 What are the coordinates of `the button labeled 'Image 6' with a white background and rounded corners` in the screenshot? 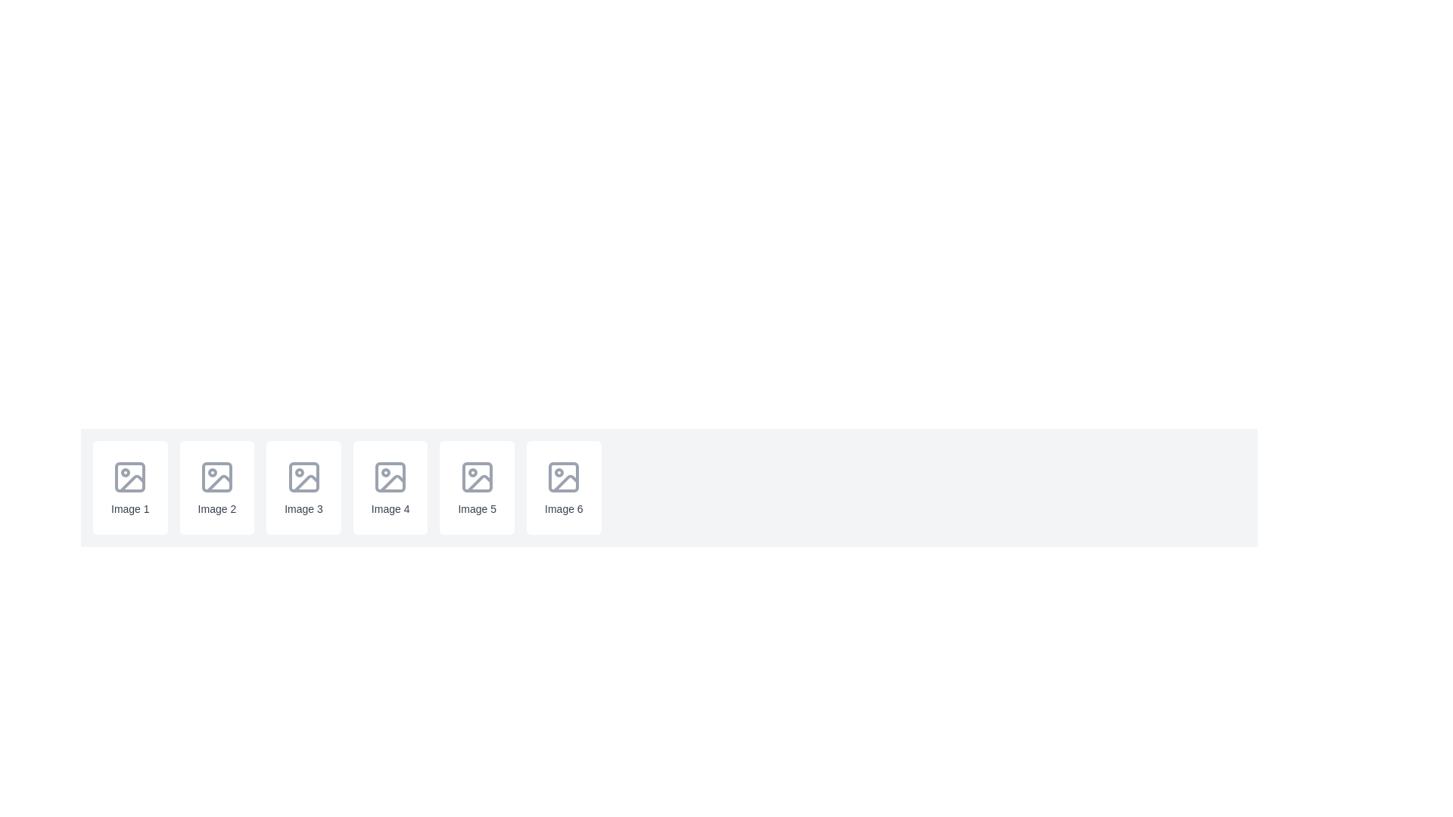 It's located at (563, 487).